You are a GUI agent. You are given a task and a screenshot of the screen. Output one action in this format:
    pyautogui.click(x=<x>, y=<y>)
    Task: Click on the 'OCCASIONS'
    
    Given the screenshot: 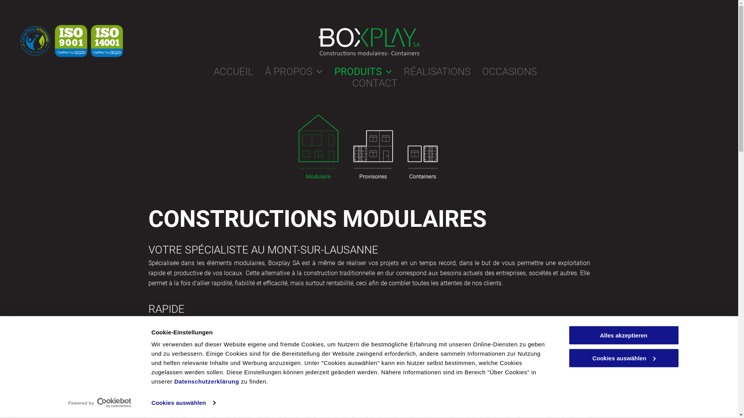 What is the action you would take?
    pyautogui.click(x=503, y=72)
    